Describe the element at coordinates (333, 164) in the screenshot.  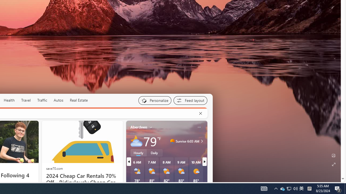
I see `'Expand background'` at that location.